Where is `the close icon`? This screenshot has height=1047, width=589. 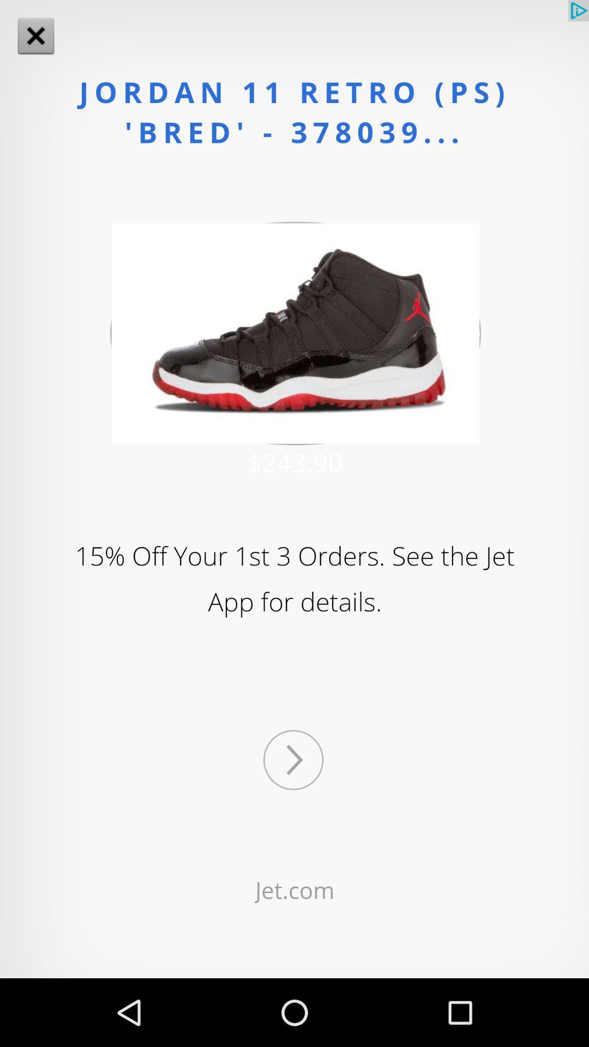 the close icon is located at coordinates (35, 38).